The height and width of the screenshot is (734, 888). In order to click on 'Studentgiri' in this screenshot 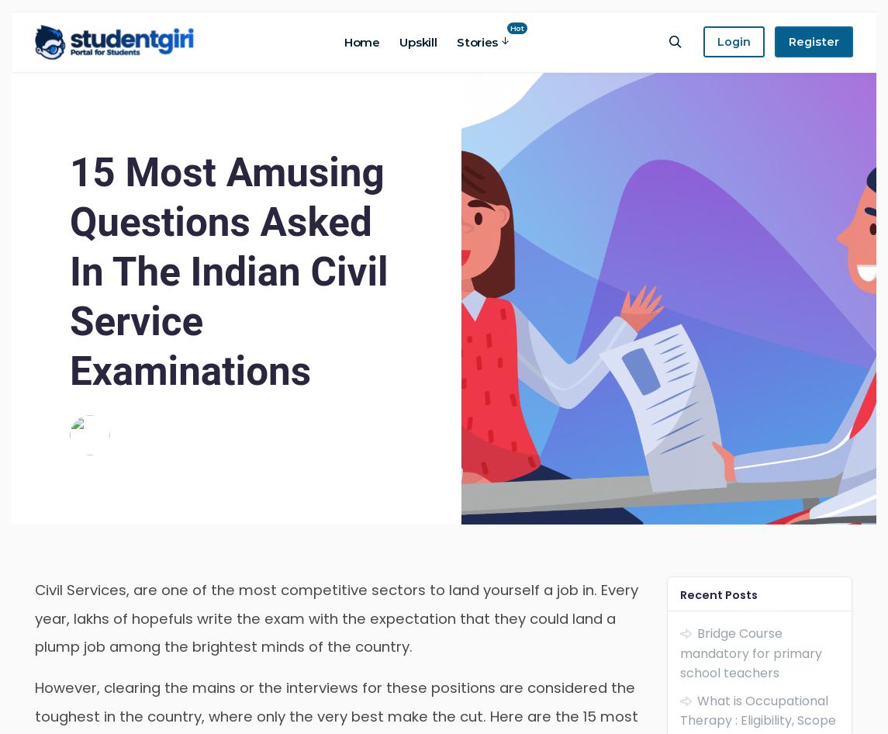, I will do `click(152, 424)`.